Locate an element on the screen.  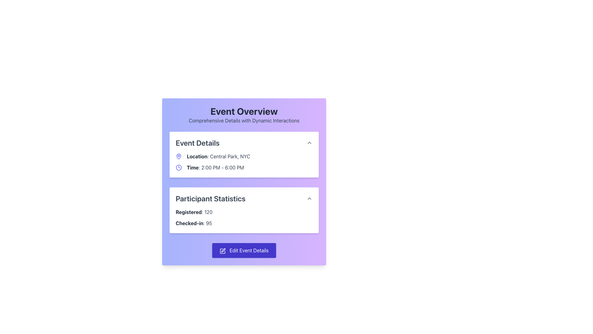
the 'Edit Event Details' button with a blue background and white text located at the bottom center of the 'Event Overview' modal to observe any visual effects such as color change is located at coordinates (244, 250).